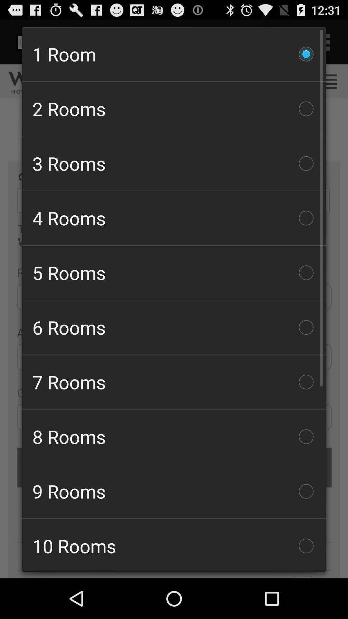 The height and width of the screenshot is (619, 348). Describe the element at coordinates (174, 382) in the screenshot. I see `checkbox above 8 rooms` at that location.